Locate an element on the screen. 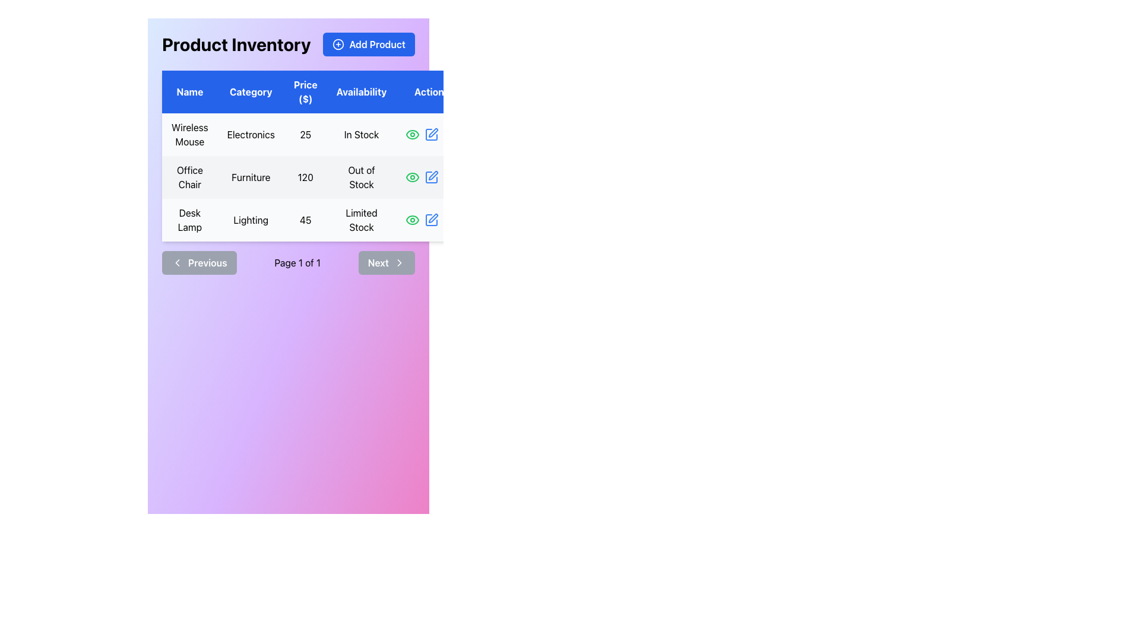  the text label 'Furniture' located in the second row of the 'Category' column in the product inventory table is located at coordinates (250, 177).